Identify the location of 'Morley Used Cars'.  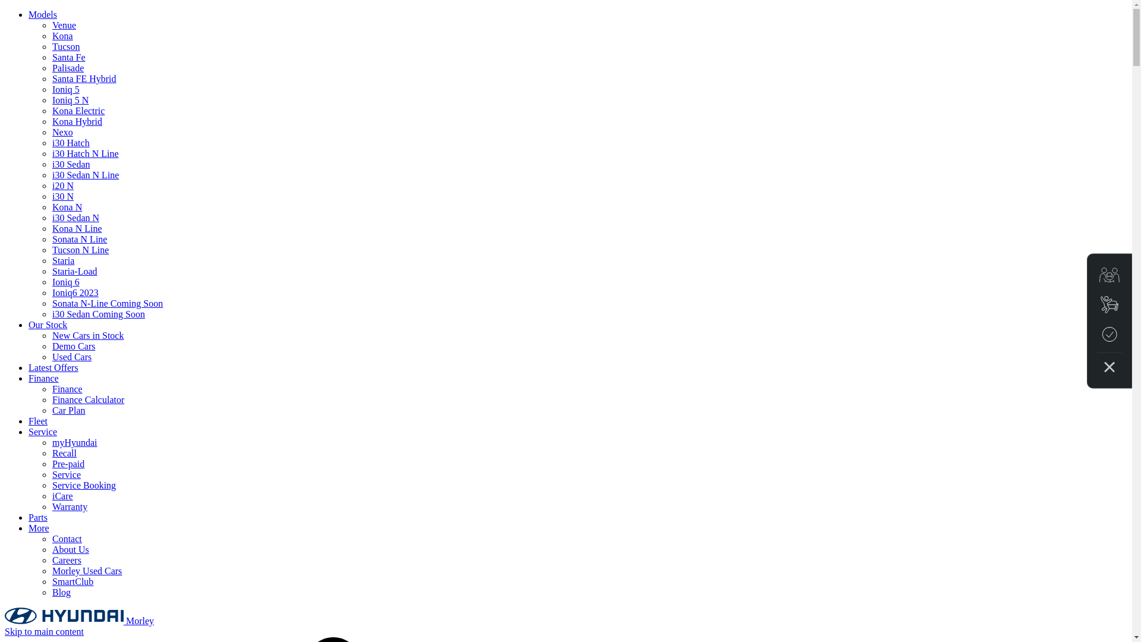
(86, 570).